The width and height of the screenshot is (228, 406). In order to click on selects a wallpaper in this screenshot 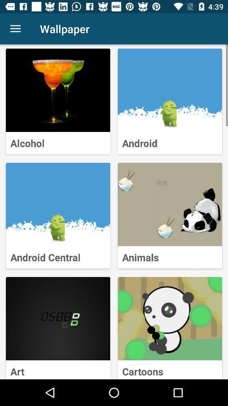, I will do `click(57, 90)`.